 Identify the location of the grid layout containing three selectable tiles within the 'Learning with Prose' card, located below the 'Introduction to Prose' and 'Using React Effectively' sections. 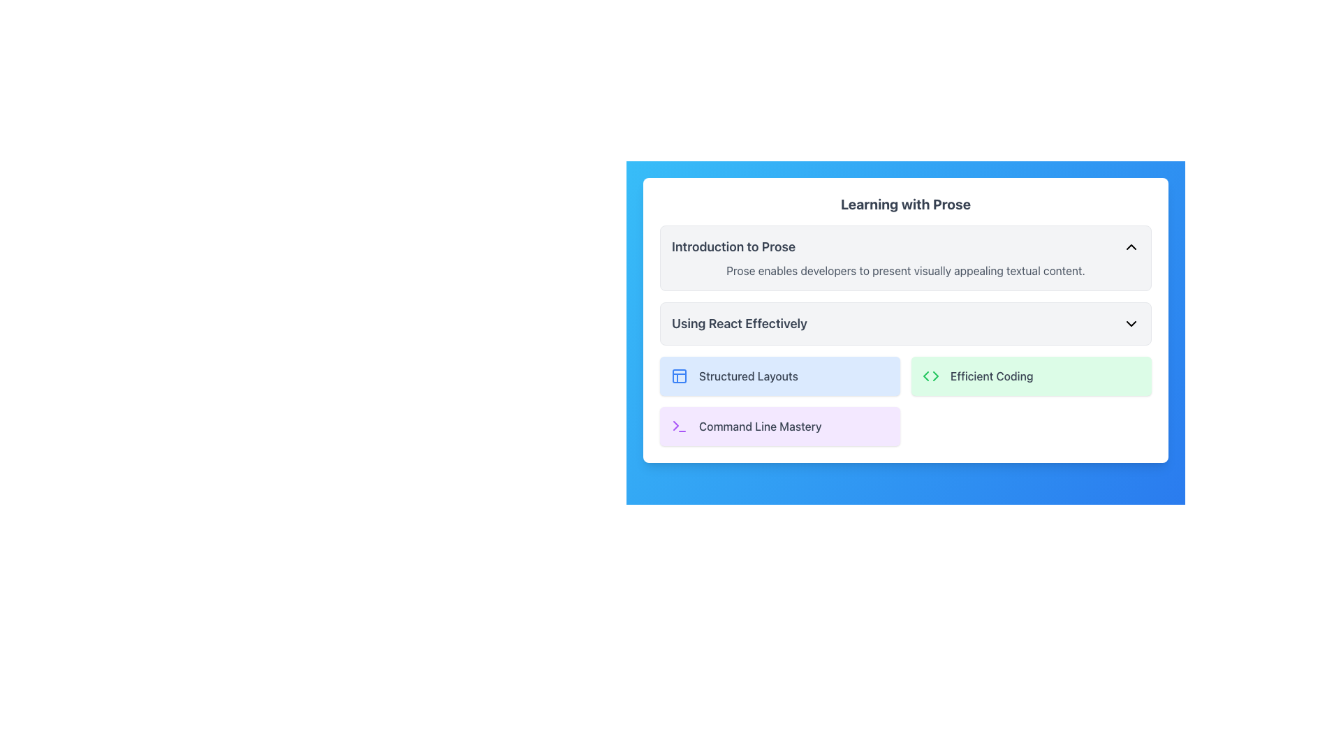
(905, 401).